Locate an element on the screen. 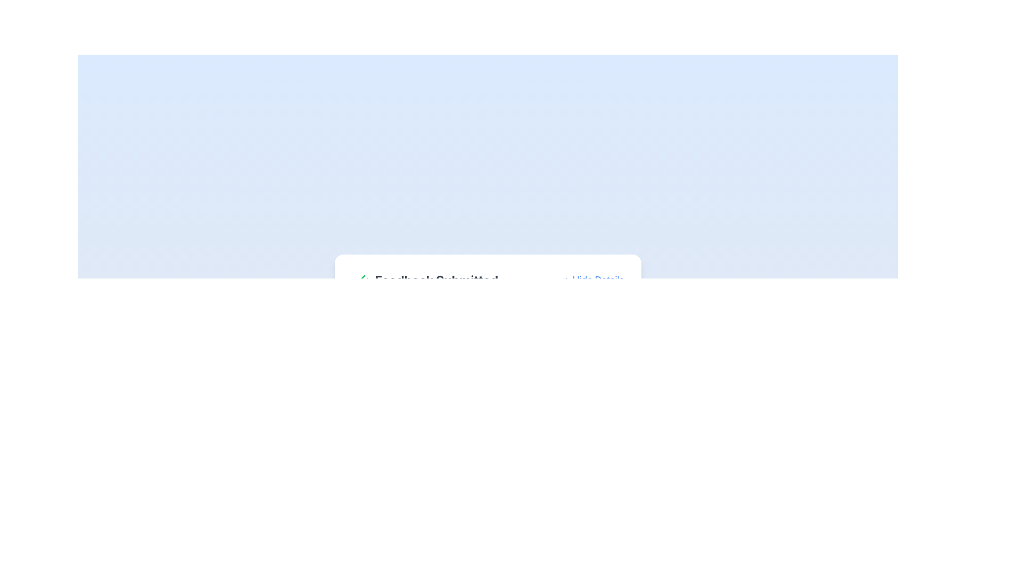 The image size is (1022, 574). the 'Hide Details' text label, which is styled in blue and positioned next to an upward-pointing arrow icon is located at coordinates (598, 279).